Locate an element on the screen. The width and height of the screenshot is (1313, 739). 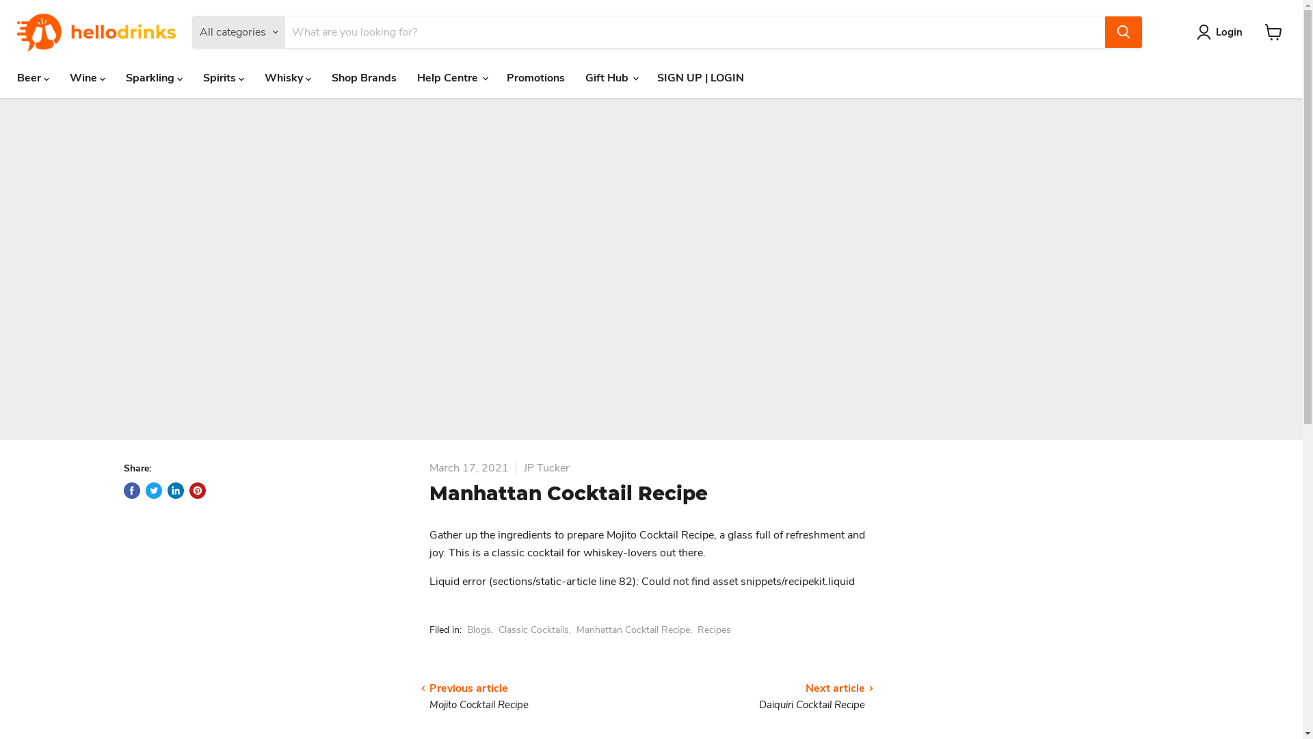
'Manhattan Cocktail Recipe' is located at coordinates (575, 630).